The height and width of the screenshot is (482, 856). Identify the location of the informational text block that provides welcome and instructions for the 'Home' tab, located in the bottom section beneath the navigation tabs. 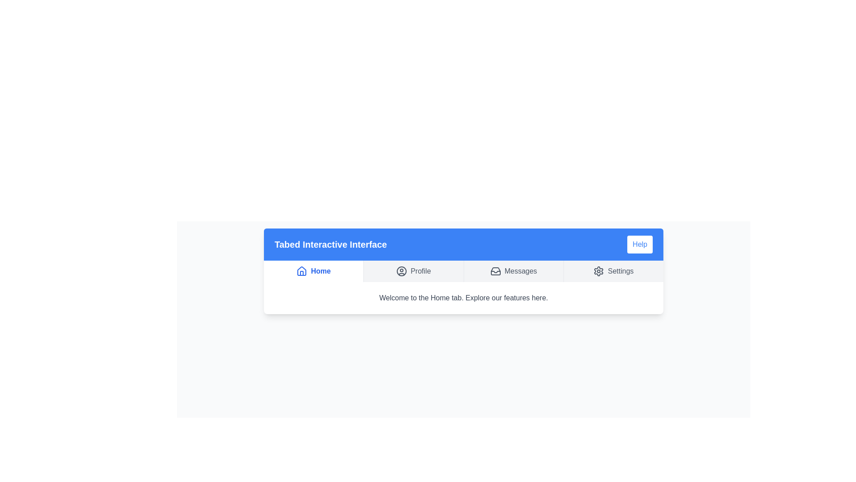
(464, 298).